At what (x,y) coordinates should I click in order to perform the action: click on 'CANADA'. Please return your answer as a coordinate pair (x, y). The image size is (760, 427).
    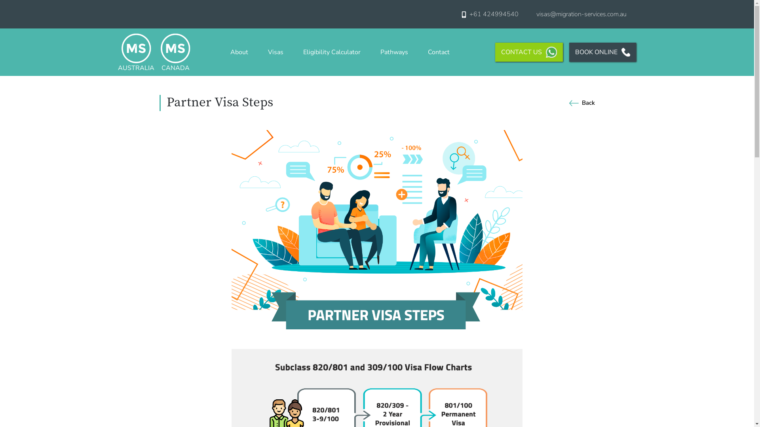
    Looking at the image, I should click on (160, 52).